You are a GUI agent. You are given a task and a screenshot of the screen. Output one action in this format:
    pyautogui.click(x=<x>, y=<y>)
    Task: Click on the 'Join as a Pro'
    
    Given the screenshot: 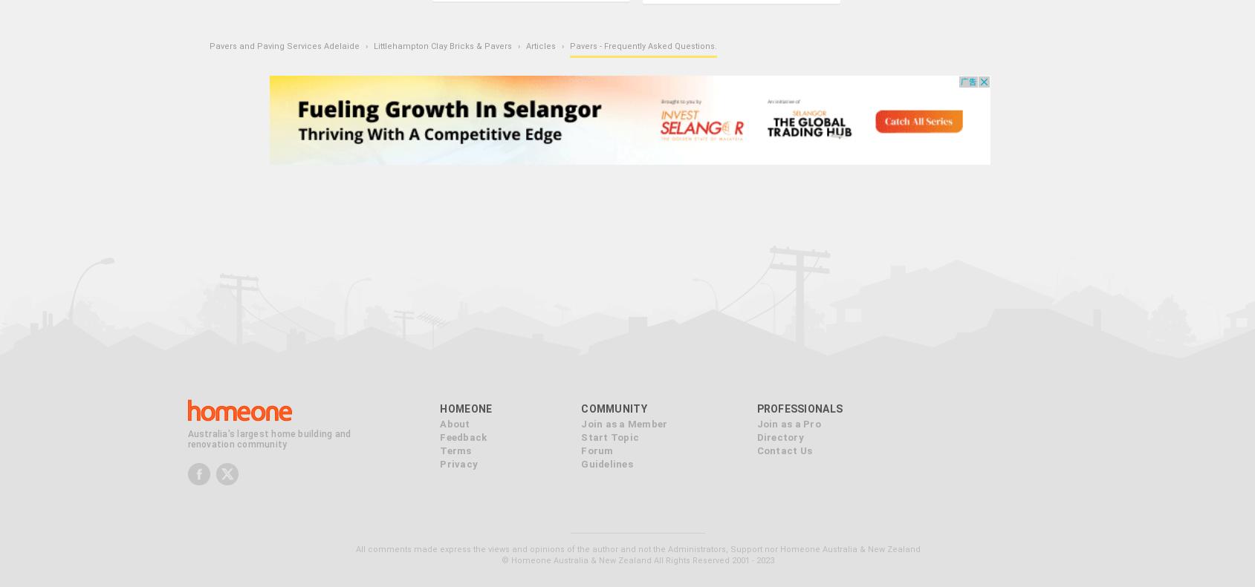 What is the action you would take?
    pyautogui.click(x=755, y=422)
    